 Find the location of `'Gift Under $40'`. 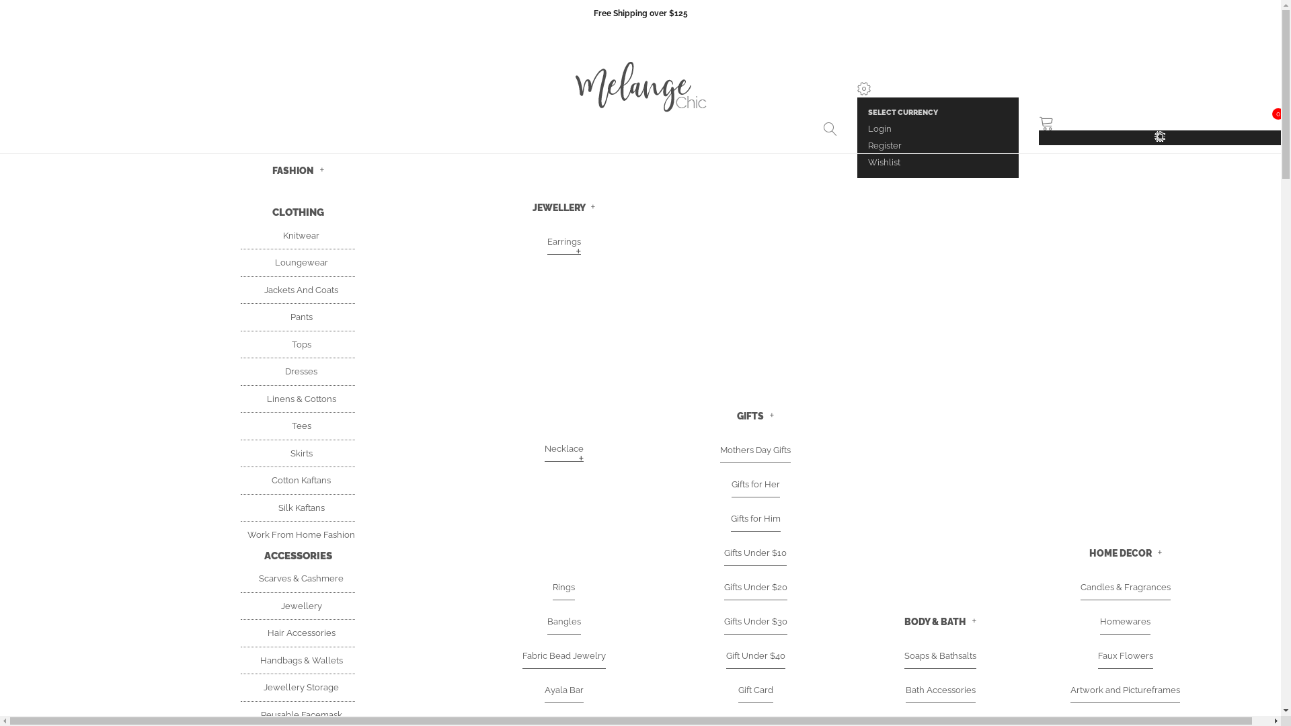

'Gift Under $40' is located at coordinates (755, 655).